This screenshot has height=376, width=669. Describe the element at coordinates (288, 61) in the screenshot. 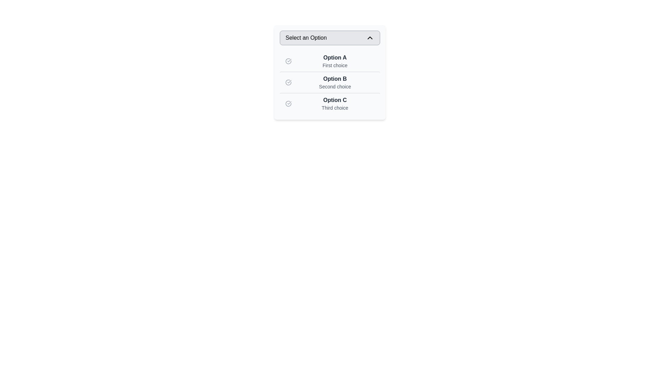

I see `the circular gray icon with a checkmark inside, which is the first icon in the selectable list item labeled 'Option A' with the subtitle 'First choice'` at that location.